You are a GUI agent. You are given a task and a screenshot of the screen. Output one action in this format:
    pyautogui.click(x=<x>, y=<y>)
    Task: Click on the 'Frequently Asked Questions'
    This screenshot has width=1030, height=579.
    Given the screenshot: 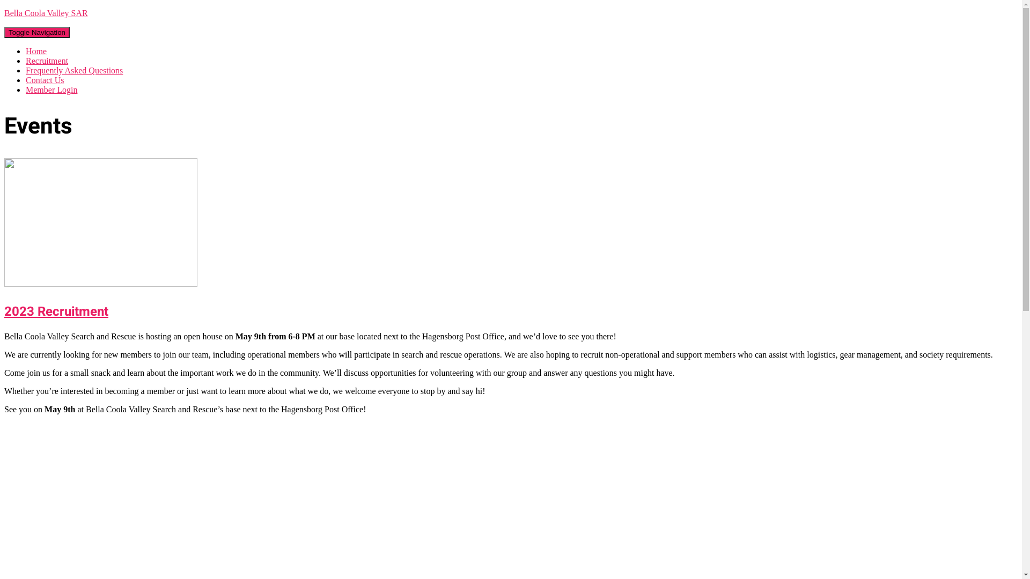 What is the action you would take?
    pyautogui.click(x=73, y=70)
    